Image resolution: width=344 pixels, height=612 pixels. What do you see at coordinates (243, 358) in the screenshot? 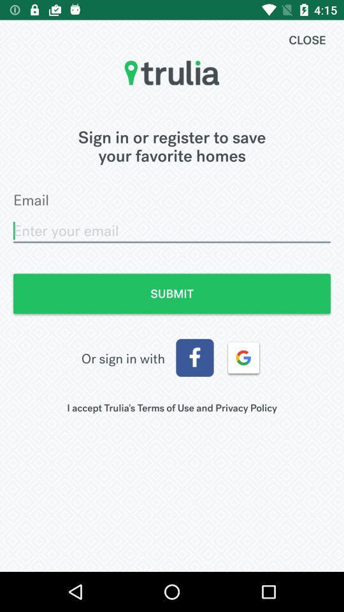
I see `item below submit item` at bounding box center [243, 358].